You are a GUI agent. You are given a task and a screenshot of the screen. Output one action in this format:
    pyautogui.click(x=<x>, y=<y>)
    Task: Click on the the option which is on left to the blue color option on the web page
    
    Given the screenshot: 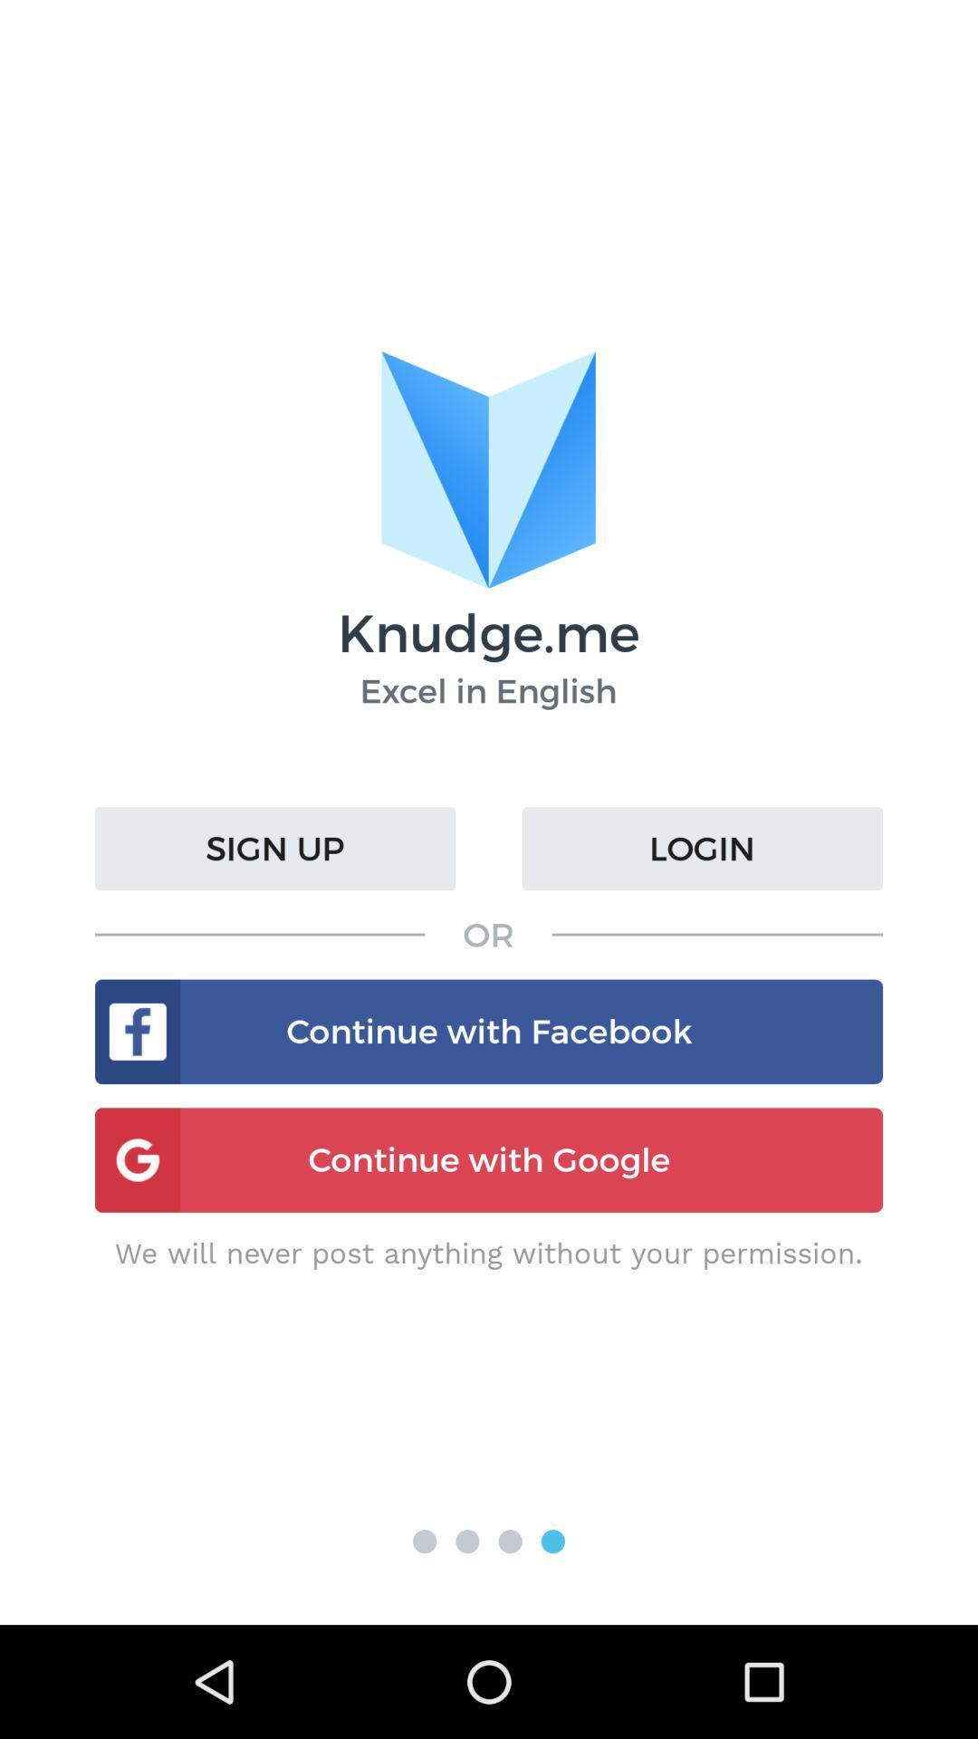 What is the action you would take?
    pyautogui.click(x=510, y=1541)
    